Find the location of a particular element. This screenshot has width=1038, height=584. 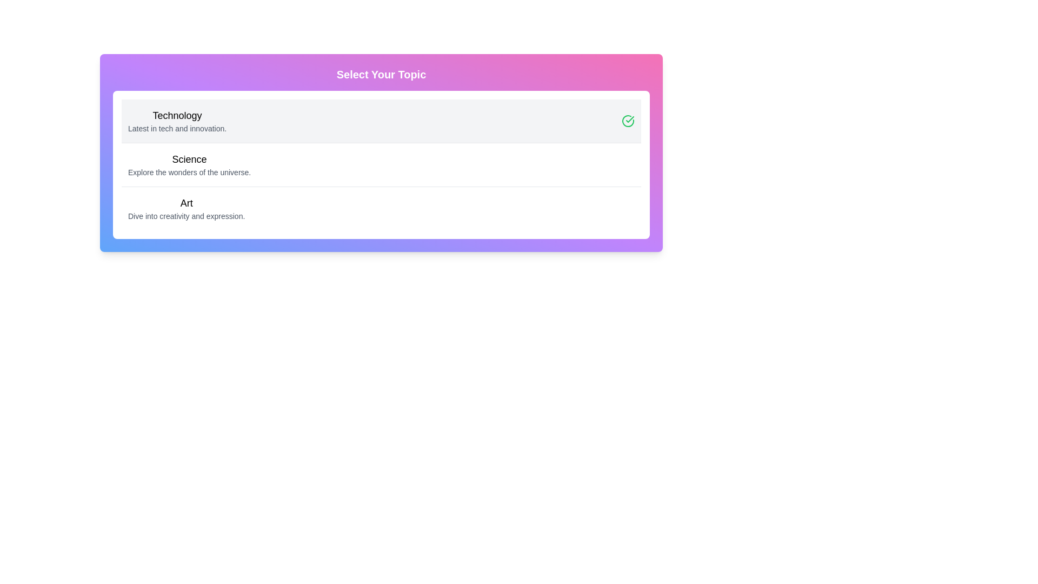

the descriptive text label for the 'Science' topic, which provides additional context directly below the 'Science' header in the list of selectable topics is located at coordinates (189, 172).